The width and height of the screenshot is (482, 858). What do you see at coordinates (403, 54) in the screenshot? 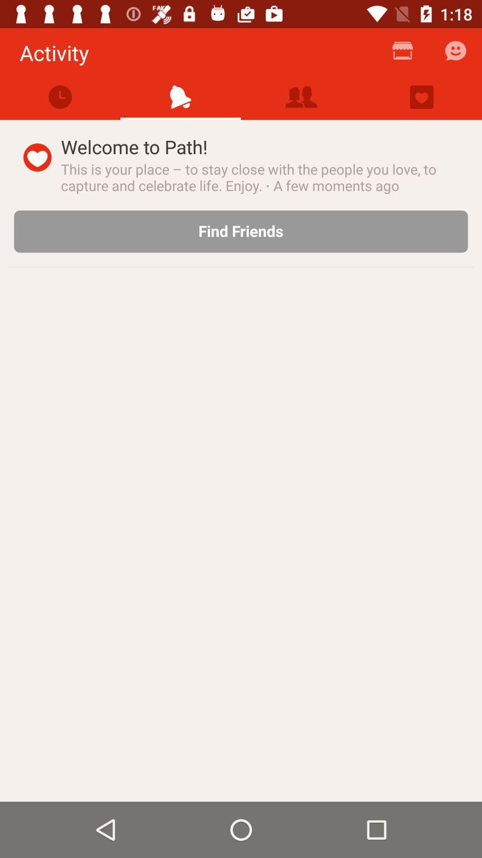
I see `the item to the right of the activity` at bounding box center [403, 54].